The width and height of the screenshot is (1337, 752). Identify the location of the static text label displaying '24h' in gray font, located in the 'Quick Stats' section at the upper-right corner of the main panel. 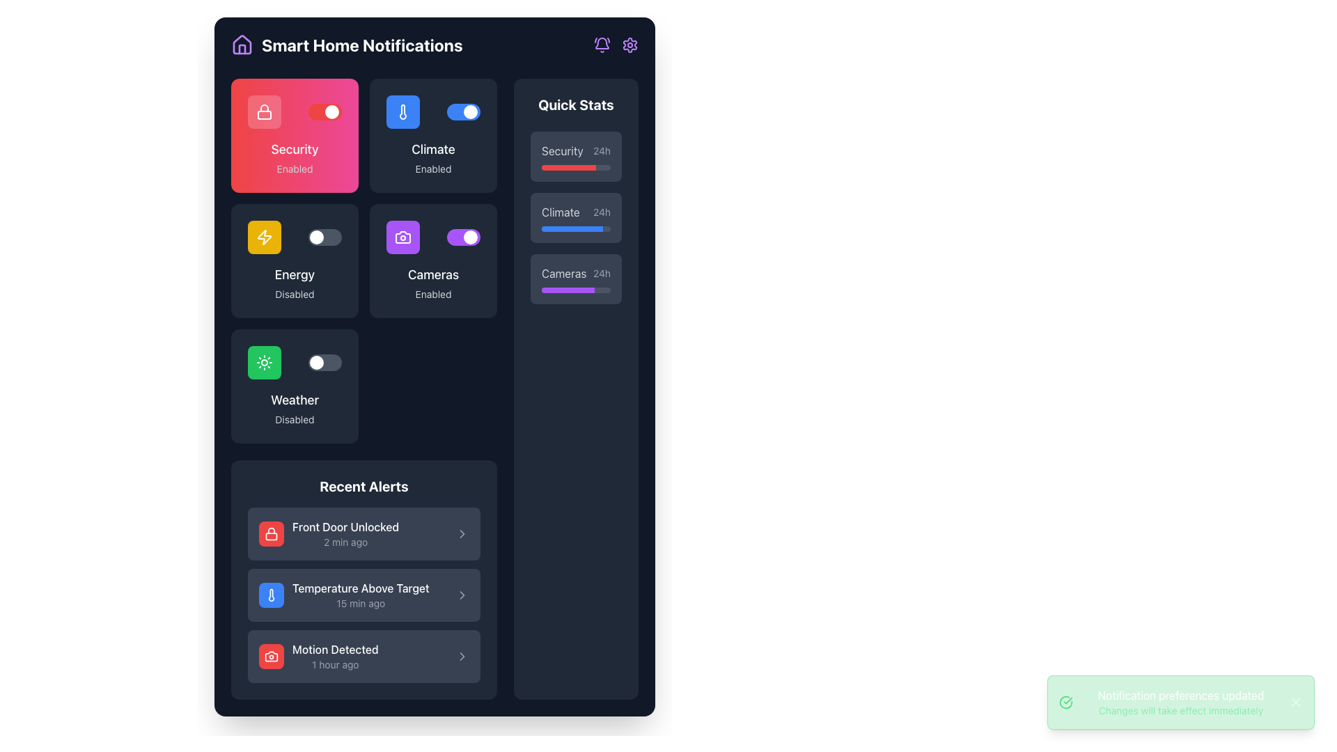
(602, 150).